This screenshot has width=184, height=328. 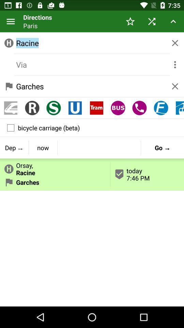 I want to click on item to the left of now button, so click(x=14, y=148).